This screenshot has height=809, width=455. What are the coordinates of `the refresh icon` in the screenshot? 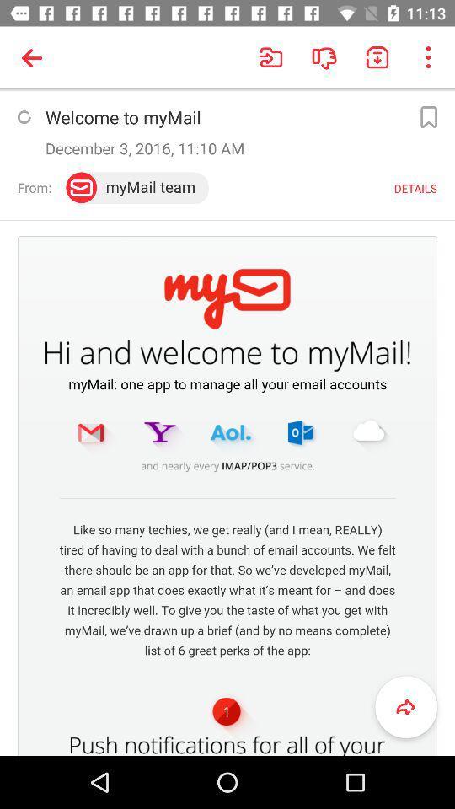 It's located at (23, 116).